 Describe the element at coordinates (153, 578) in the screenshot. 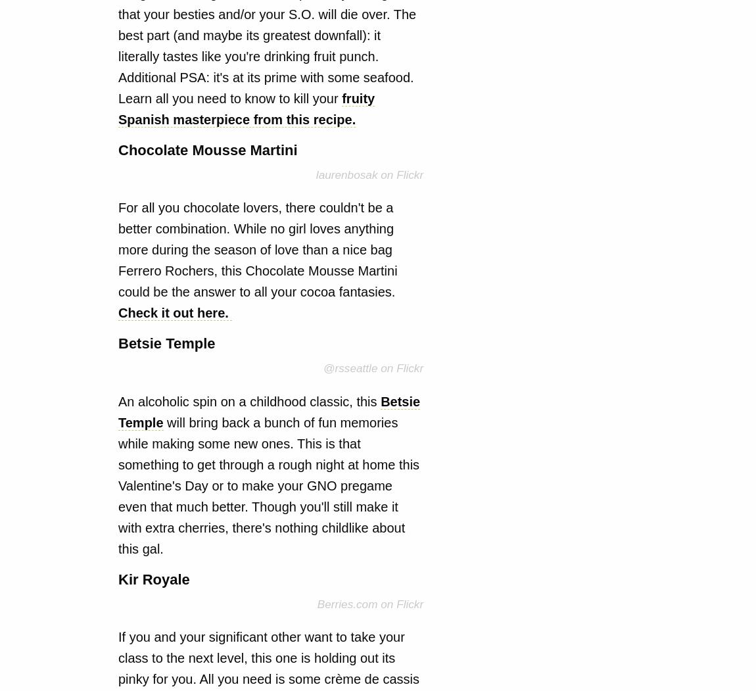

I see `'Kir Royale'` at that location.